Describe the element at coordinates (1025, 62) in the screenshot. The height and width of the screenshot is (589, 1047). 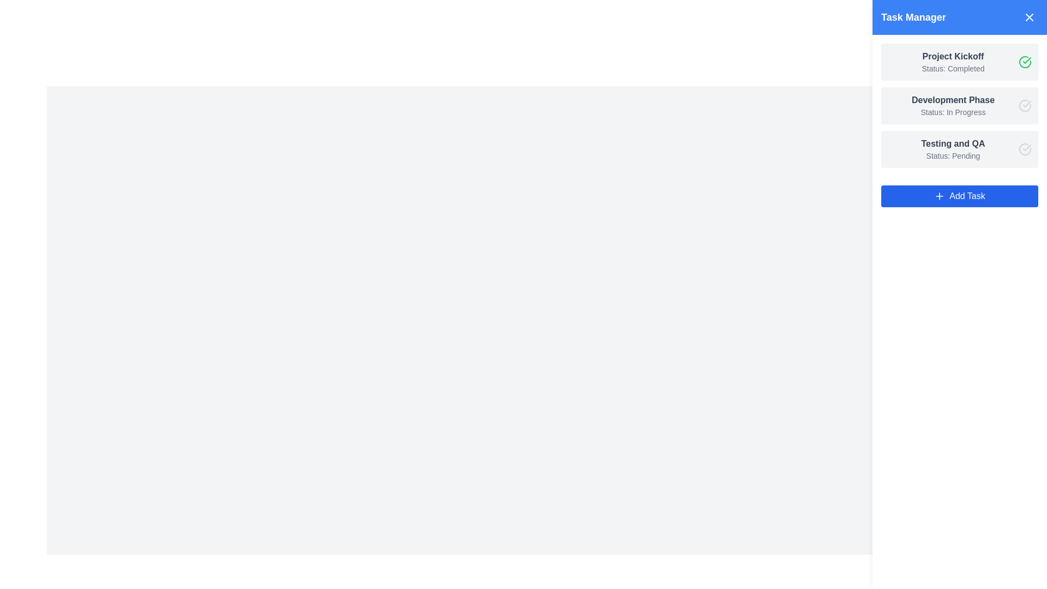
I see `the green arc of the checkmark icon next to the 'Project Kickoff' task in the task management interface` at that location.